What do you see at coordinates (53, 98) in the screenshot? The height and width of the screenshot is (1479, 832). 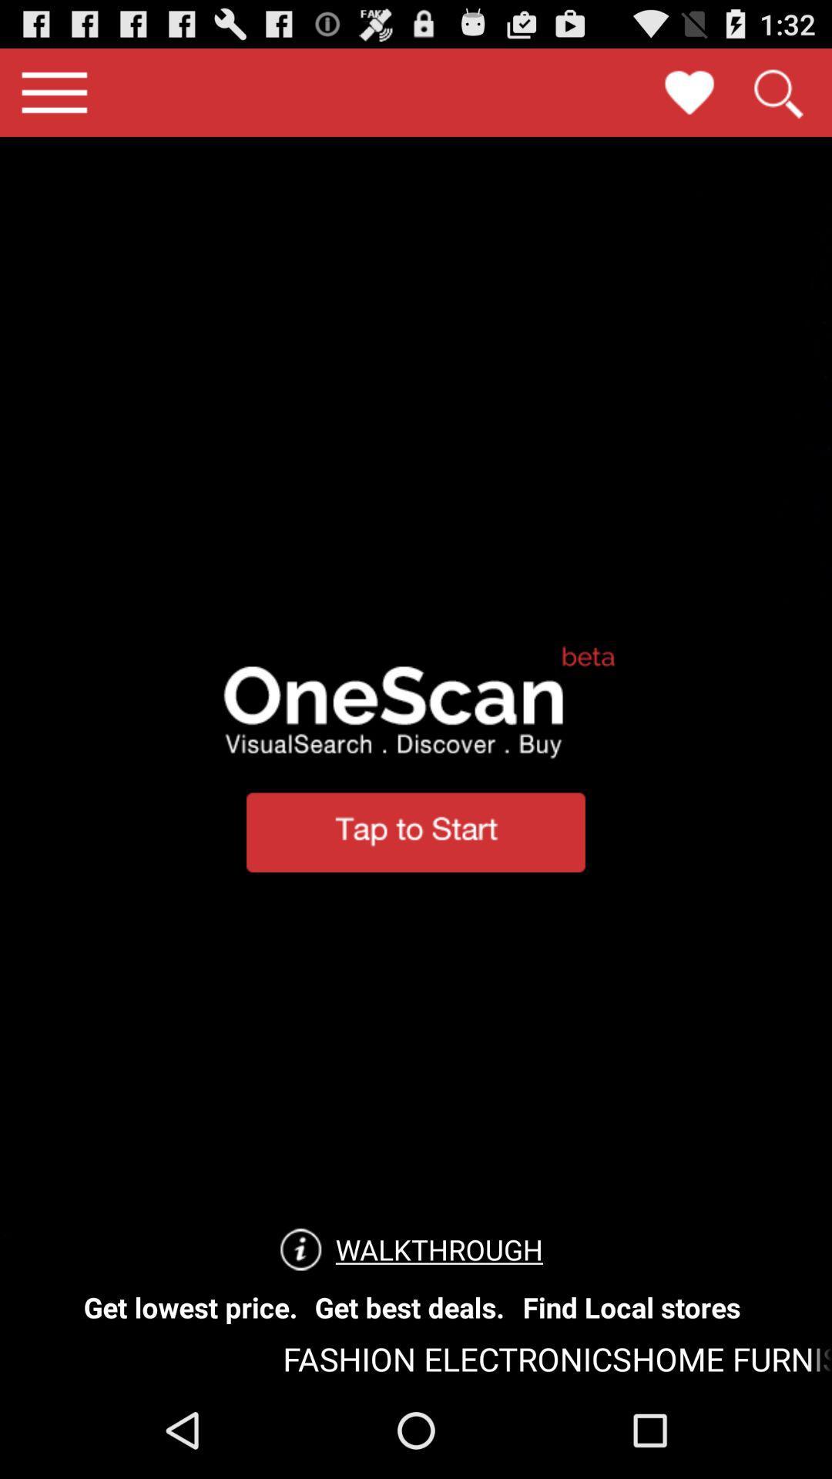 I see `the menu icon` at bounding box center [53, 98].